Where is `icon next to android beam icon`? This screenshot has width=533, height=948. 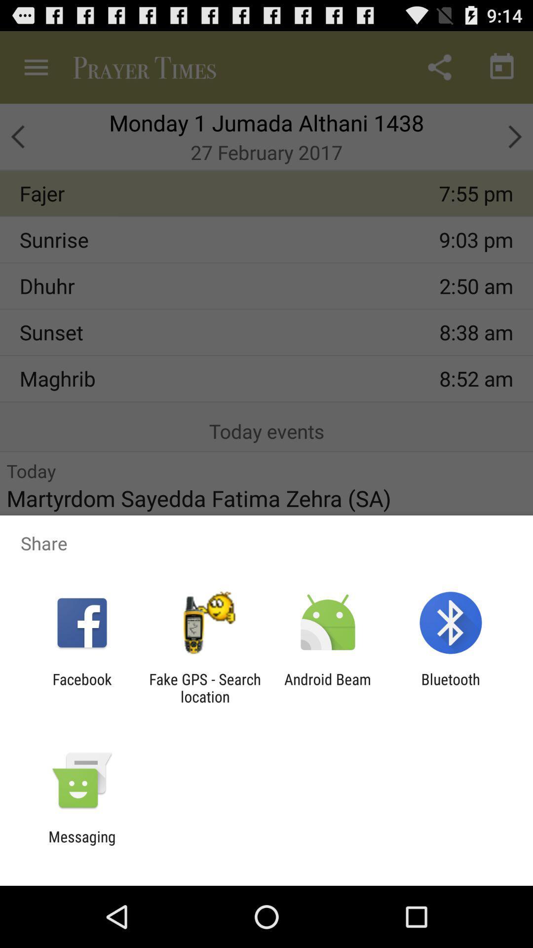 icon next to android beam icon is located at coordinates (204, 687).